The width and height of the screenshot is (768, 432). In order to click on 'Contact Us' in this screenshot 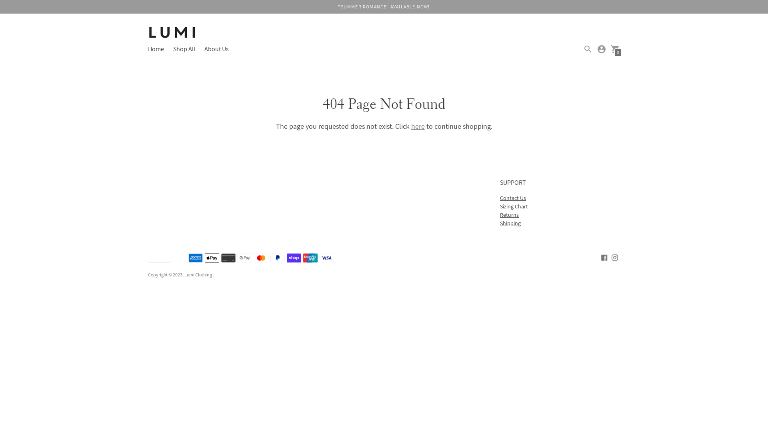, I will do `click(513, 198)`.